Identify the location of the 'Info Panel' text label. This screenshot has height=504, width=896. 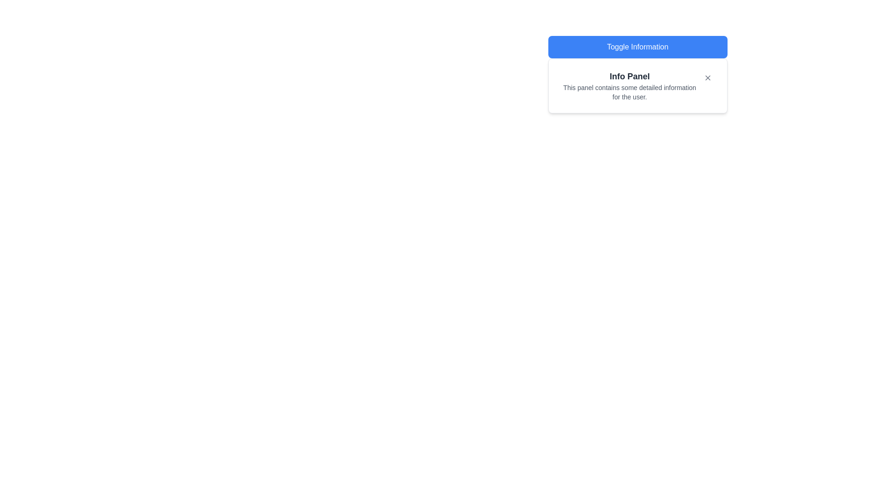
(630, 76).